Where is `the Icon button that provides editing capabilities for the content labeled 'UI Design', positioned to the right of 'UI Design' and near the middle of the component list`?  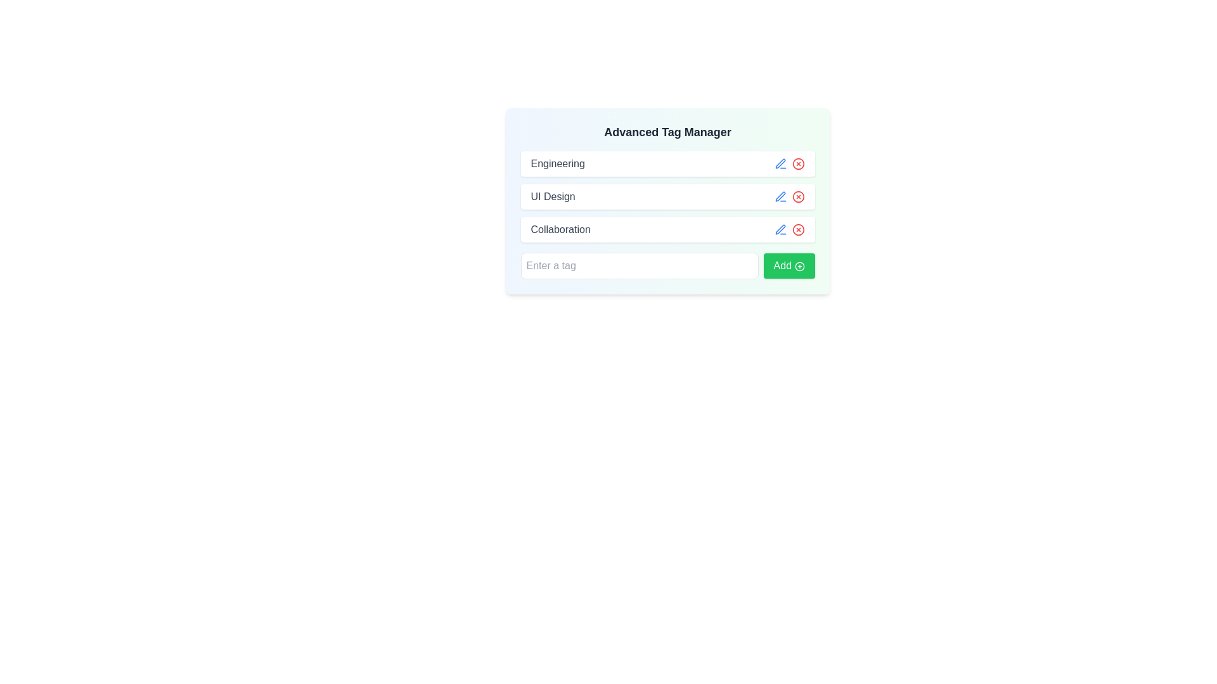 the Icon button that provides editing capabilities for the content labeled 'UI Design', positioned to the right of 'UI Design' and near the middle of the component list is located at coordinates (780, 197).